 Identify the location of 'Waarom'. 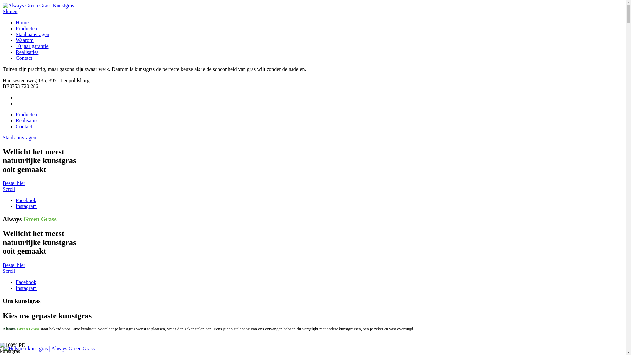
(25, 40).